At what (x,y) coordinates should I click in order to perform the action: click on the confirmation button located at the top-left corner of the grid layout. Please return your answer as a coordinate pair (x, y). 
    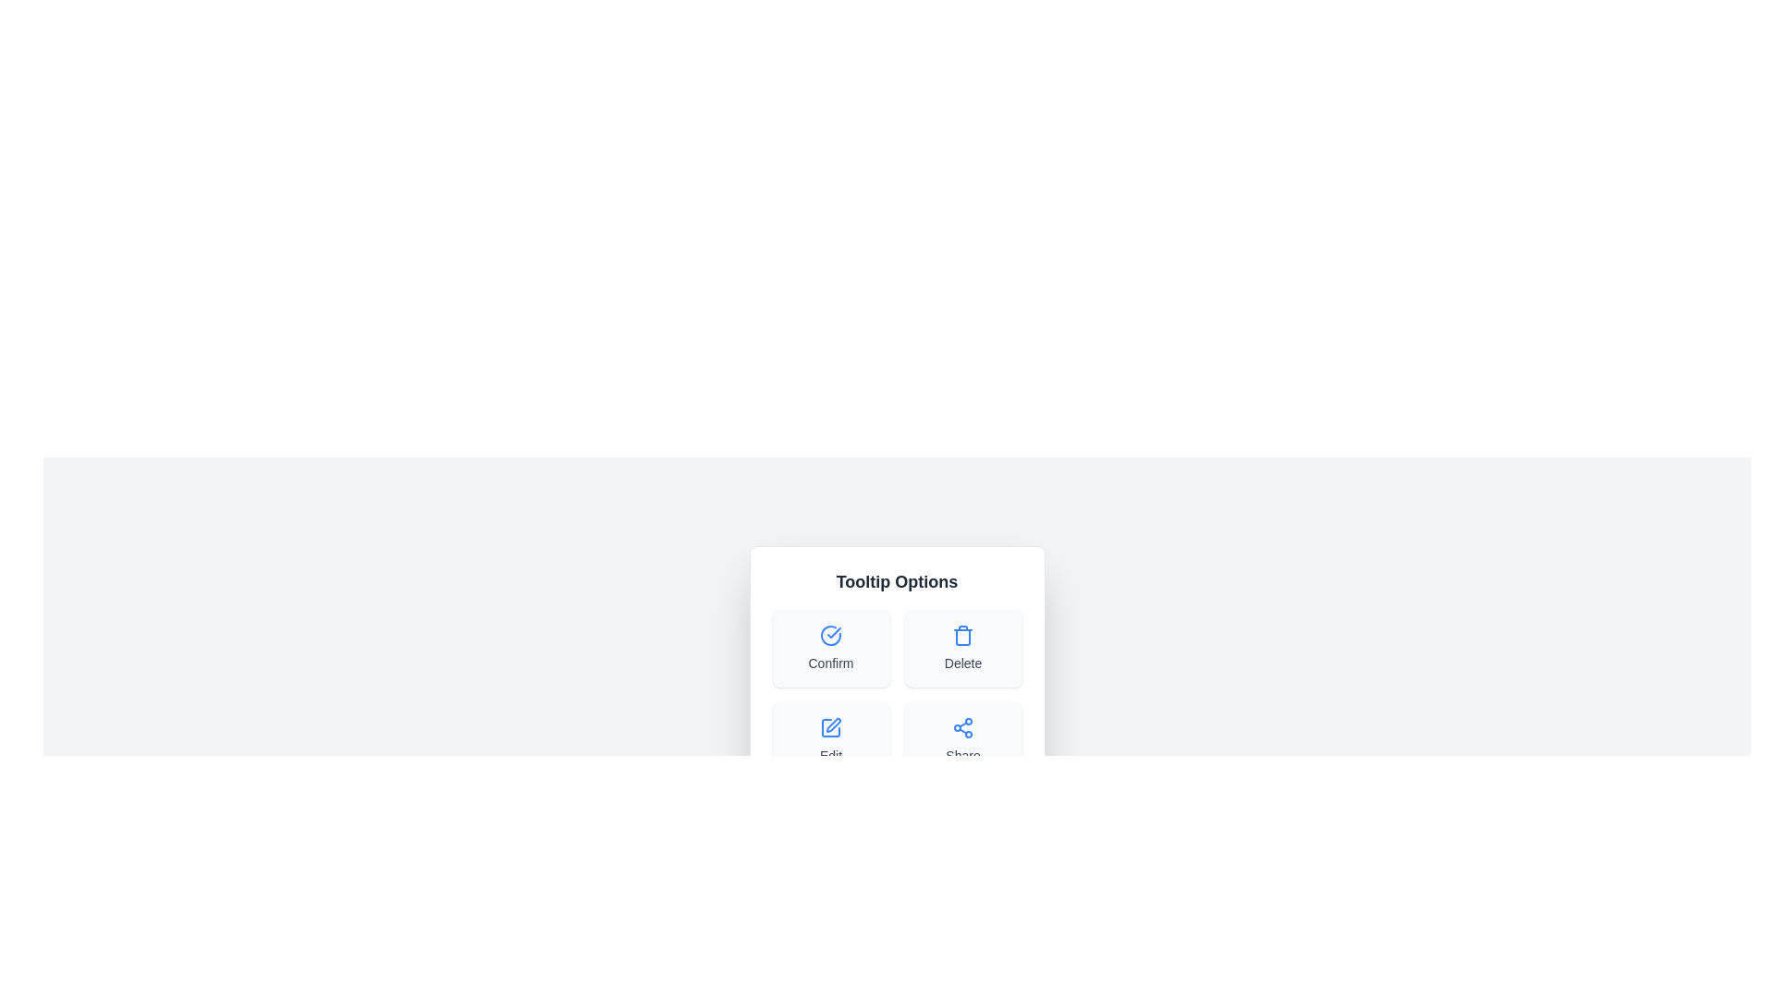
    Looking at the image, I should click on (829, 648).